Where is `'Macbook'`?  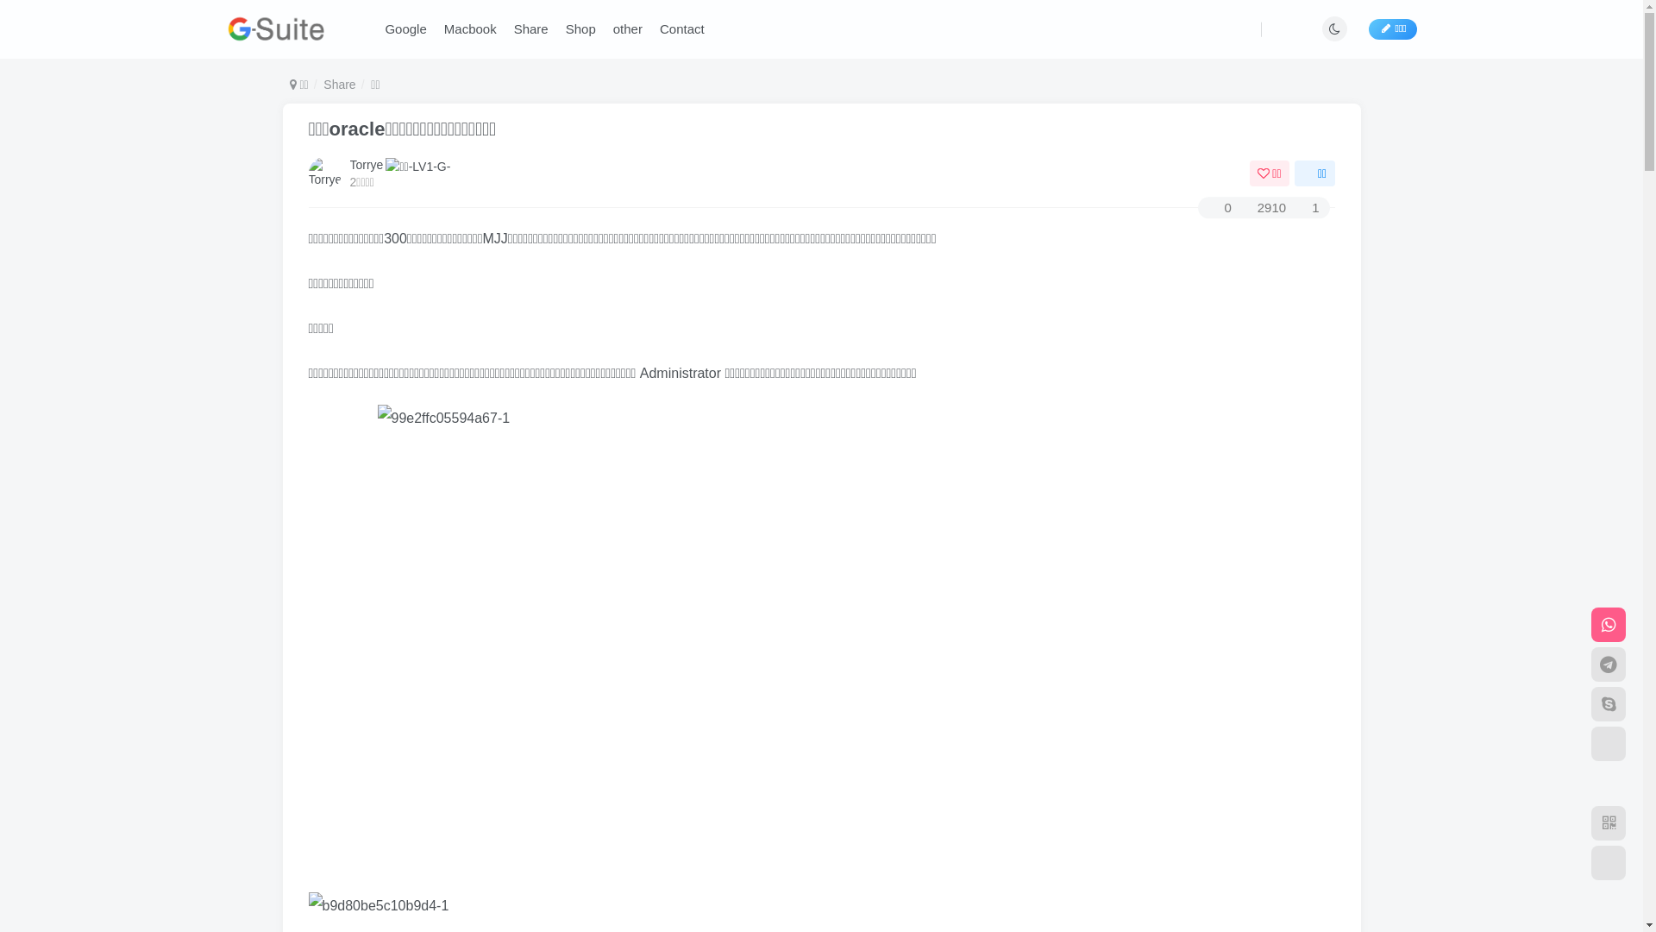 'Macbook' is located at coordinates (470, 29).